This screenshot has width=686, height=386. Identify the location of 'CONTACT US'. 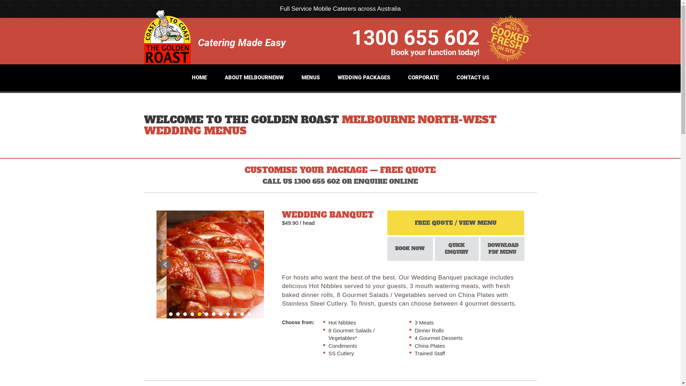
(473, 78).